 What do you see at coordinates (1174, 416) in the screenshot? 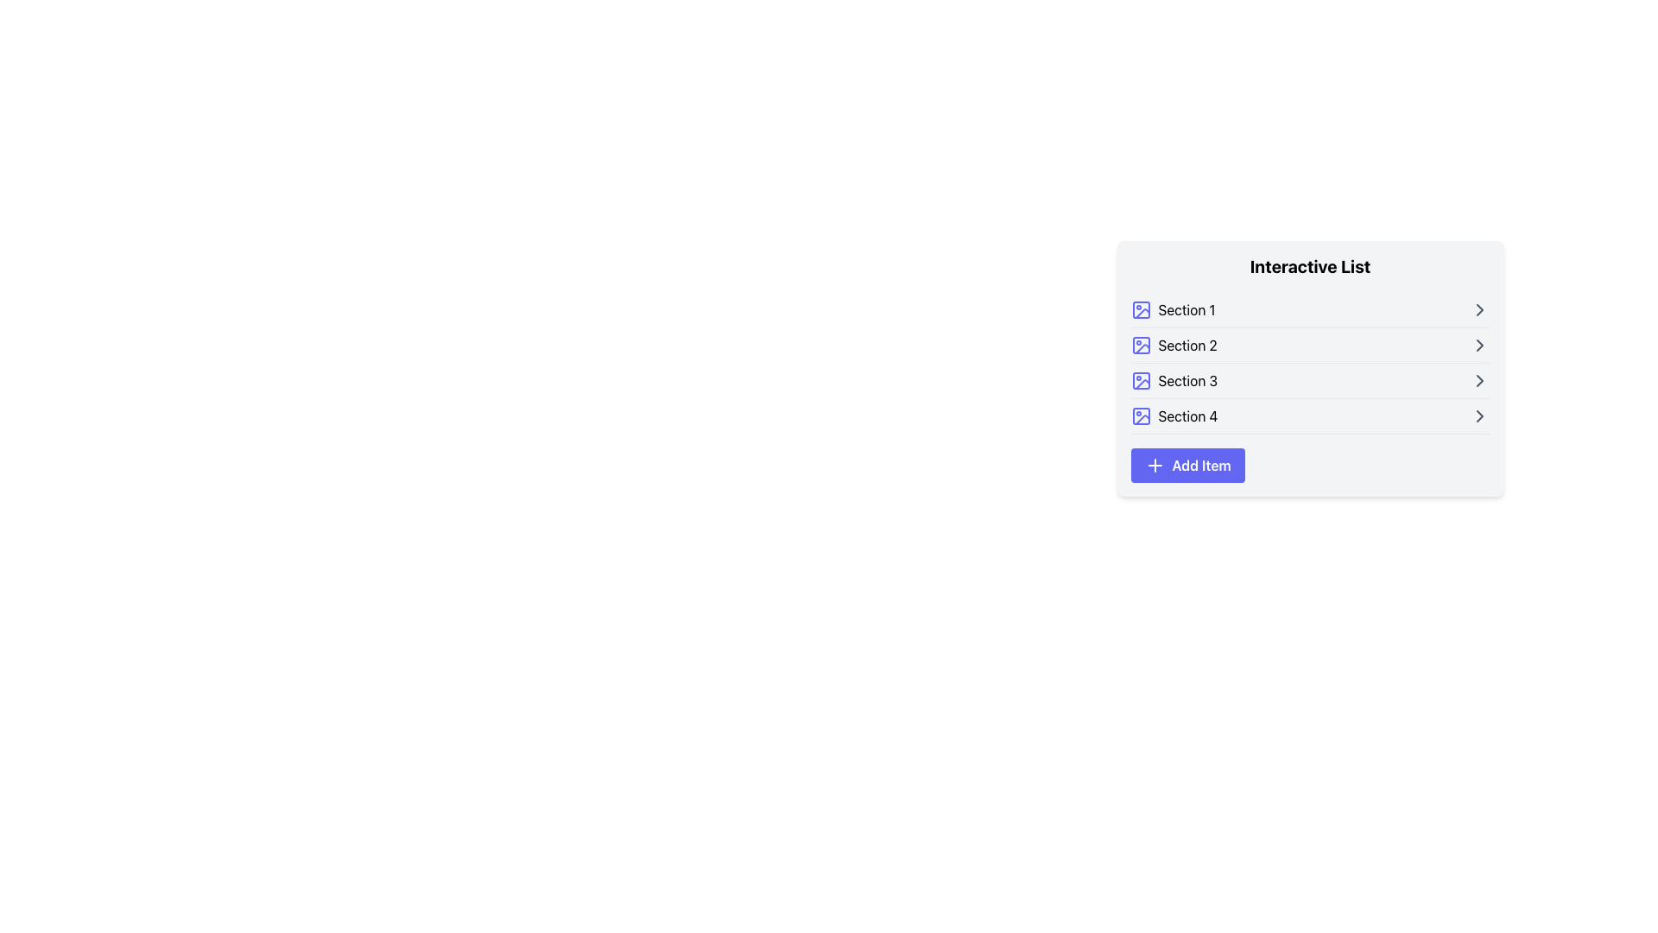
I see `the List item with the text 'Section 4' and an icon preceding it` at bounding box center [1174, 416].